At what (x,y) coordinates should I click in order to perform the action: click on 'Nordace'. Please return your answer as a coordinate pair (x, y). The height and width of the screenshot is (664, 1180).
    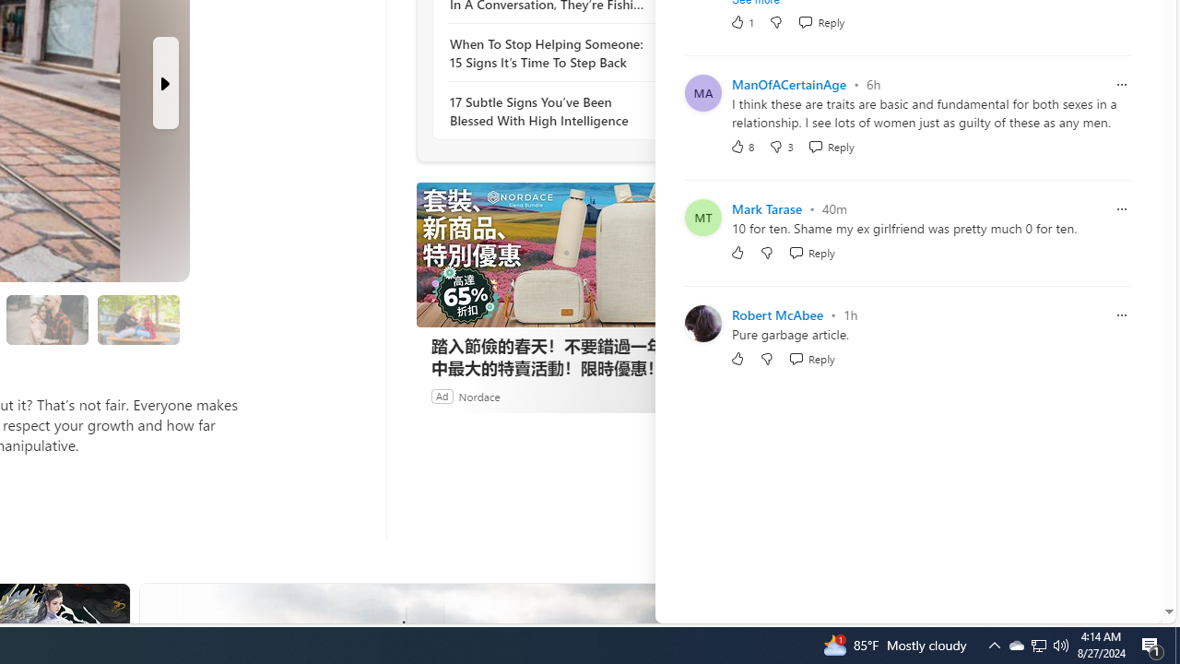
    Looking at the image, I should click on (478, 395).